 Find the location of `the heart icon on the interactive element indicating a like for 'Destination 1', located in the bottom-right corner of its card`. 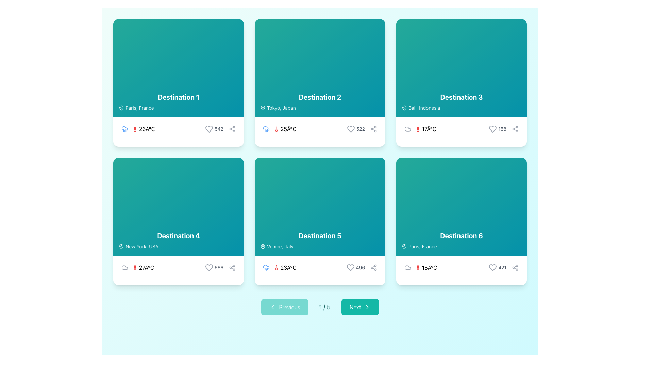

the heart icon on the interactive element indicating a like for 'Destination 1', located in the bottom-right corner of its card is located at coordinates (214, 129).